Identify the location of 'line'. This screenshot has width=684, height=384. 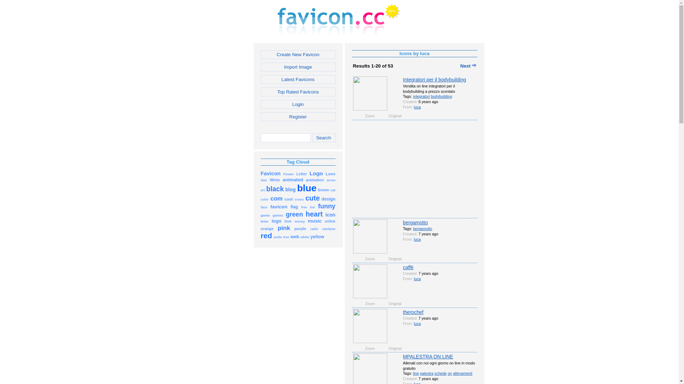
(416, 373).